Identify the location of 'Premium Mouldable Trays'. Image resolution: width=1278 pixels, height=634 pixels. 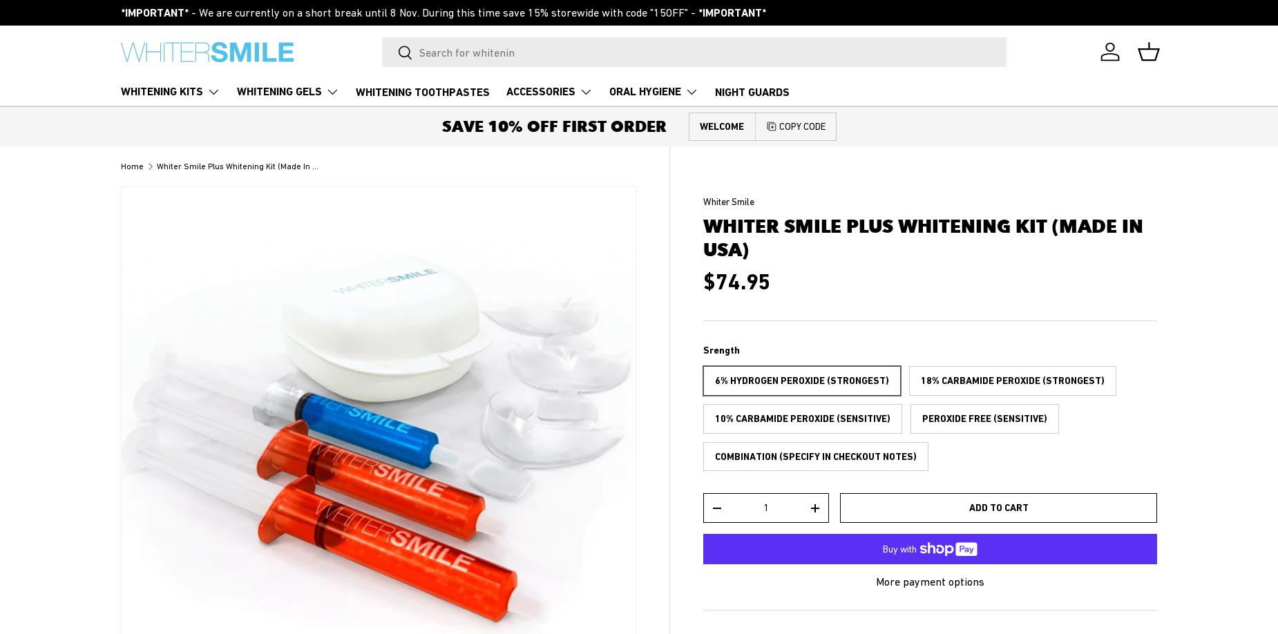
(671, 196).